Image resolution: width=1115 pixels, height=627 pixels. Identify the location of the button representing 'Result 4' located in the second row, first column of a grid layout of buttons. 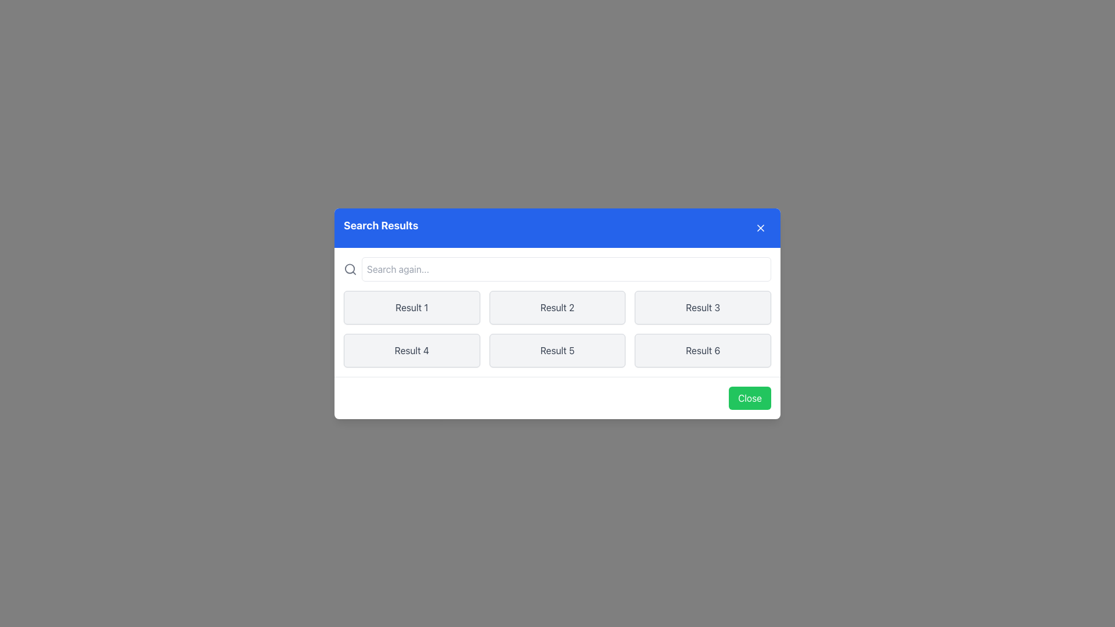
(412, 349).